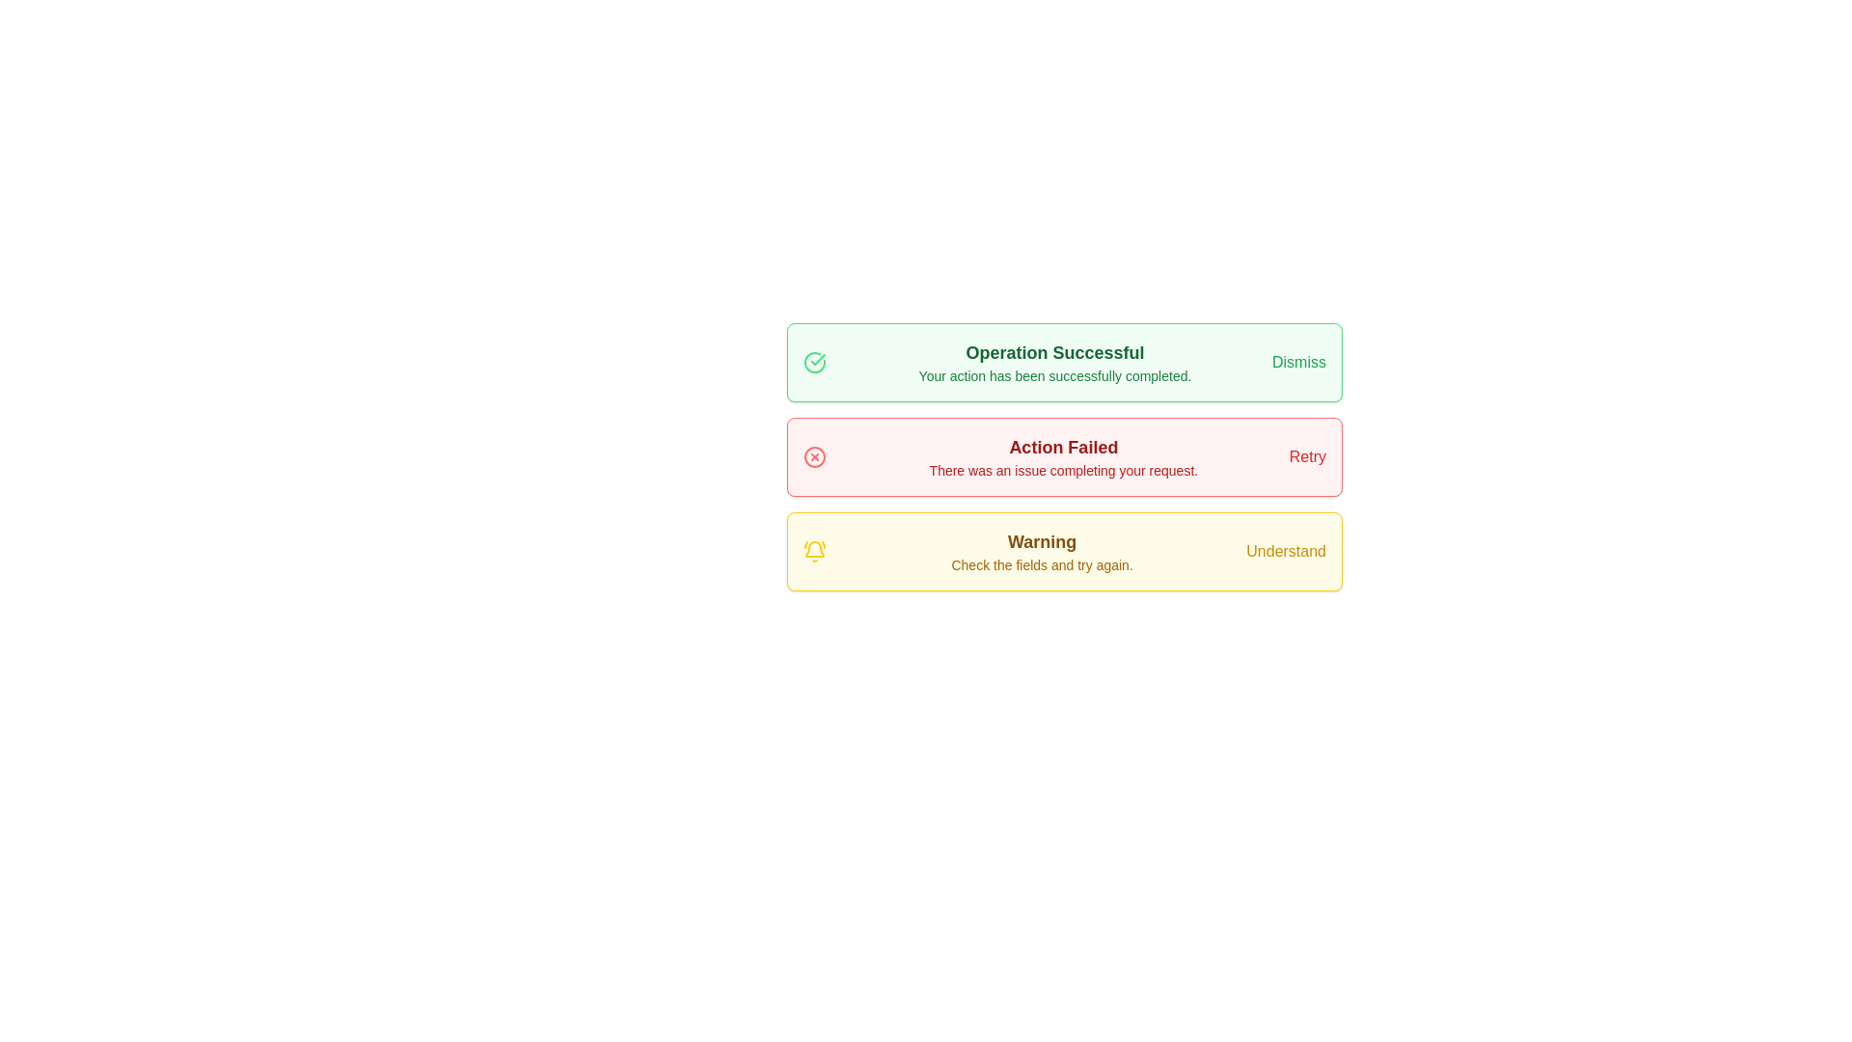  What do you see at coordinates (1054, 353) in the screenshot?
I see `the text display that reads 'Operation Successful' which is bold, green, and located at the topmost alert box in the interface` at bounding box center [1054, 353].